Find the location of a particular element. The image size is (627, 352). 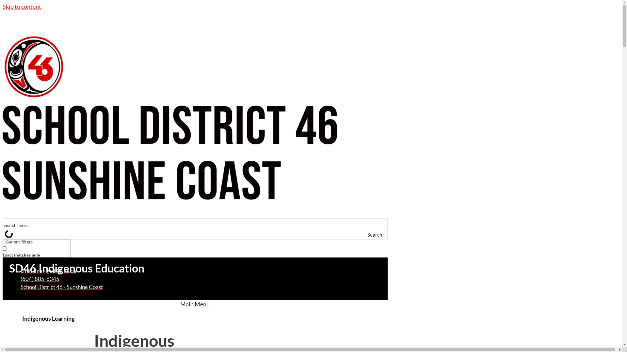

'Indigenous Learning' is located at coordinates (48, 318).